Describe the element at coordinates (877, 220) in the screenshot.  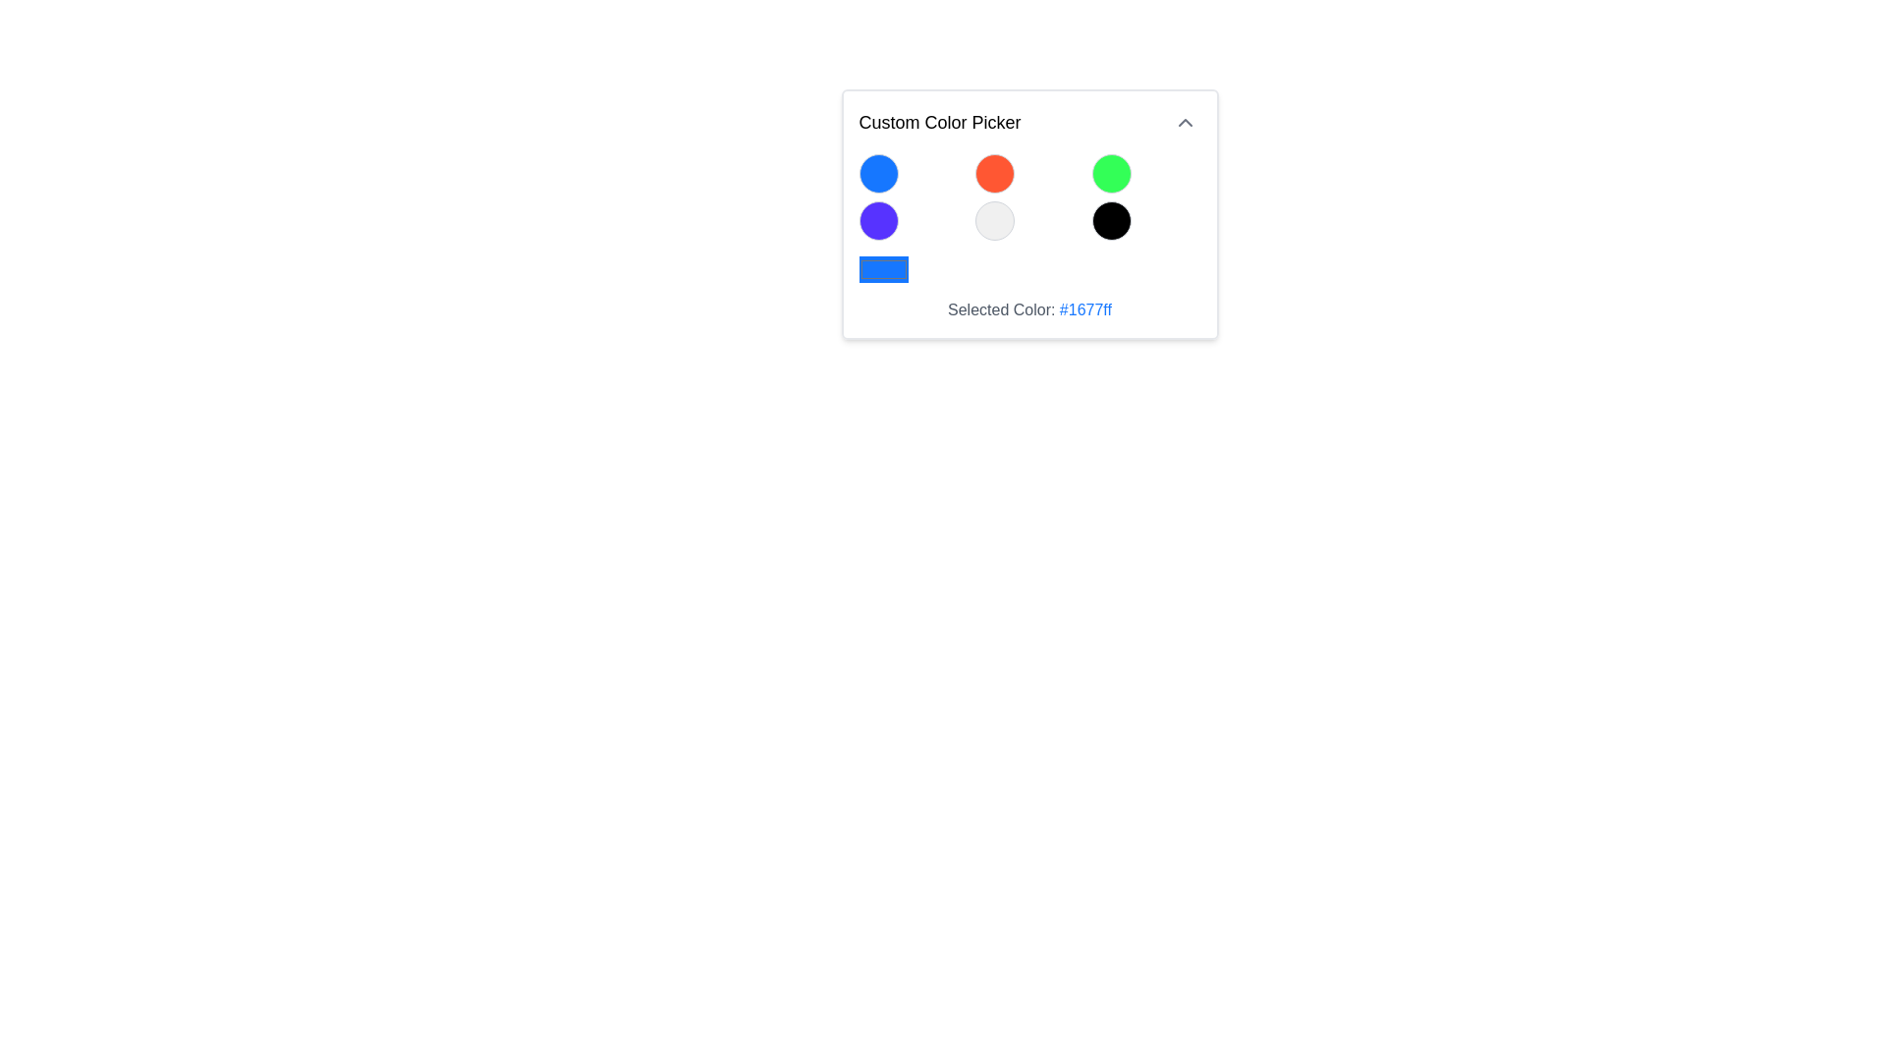
I see `the purple color selection button located in the second row, first column of the grid within the color picker interface` at that location.